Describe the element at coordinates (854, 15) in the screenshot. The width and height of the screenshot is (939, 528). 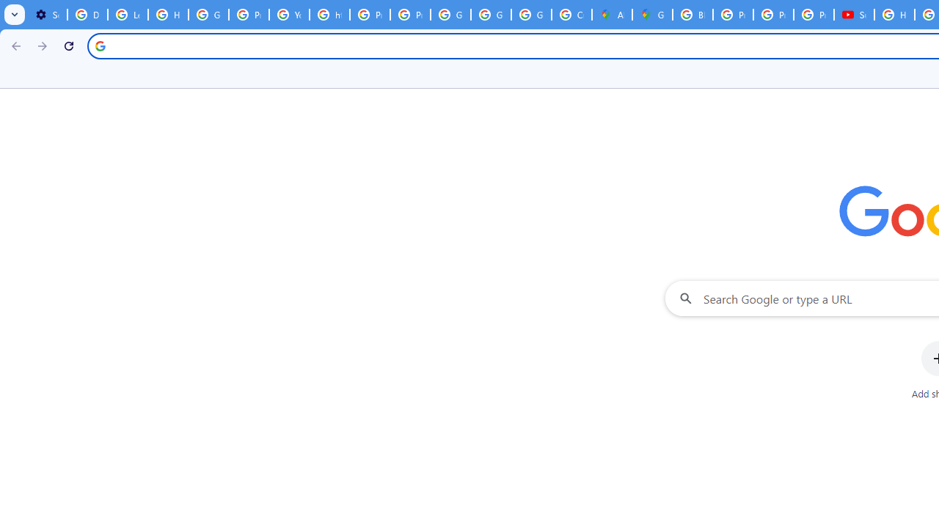
I see `'Subscriptions - YouTube'` at that location.